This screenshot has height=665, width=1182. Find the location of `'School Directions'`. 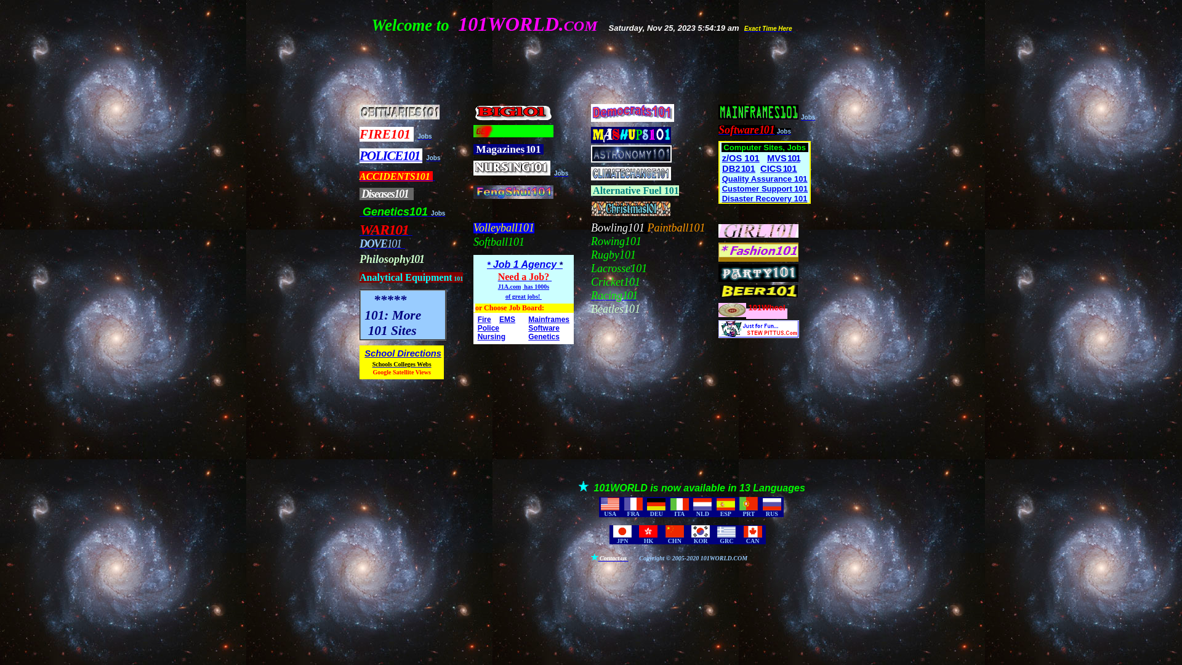

'School Directions' is located at coordinates (363, 353).